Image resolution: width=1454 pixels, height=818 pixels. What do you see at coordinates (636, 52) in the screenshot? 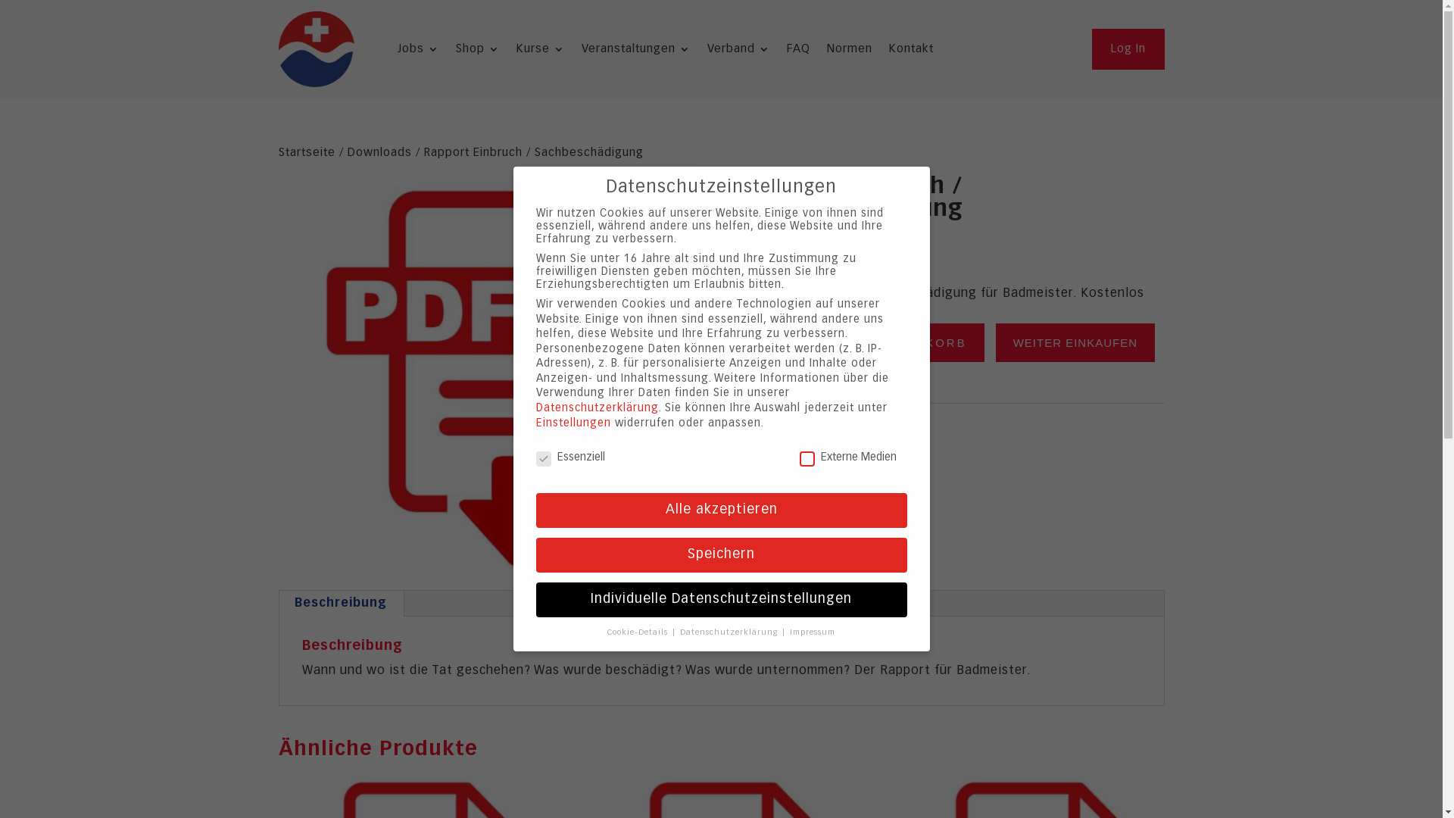
I see `'Veranstaltungen'` at bounding box center [636, 52].